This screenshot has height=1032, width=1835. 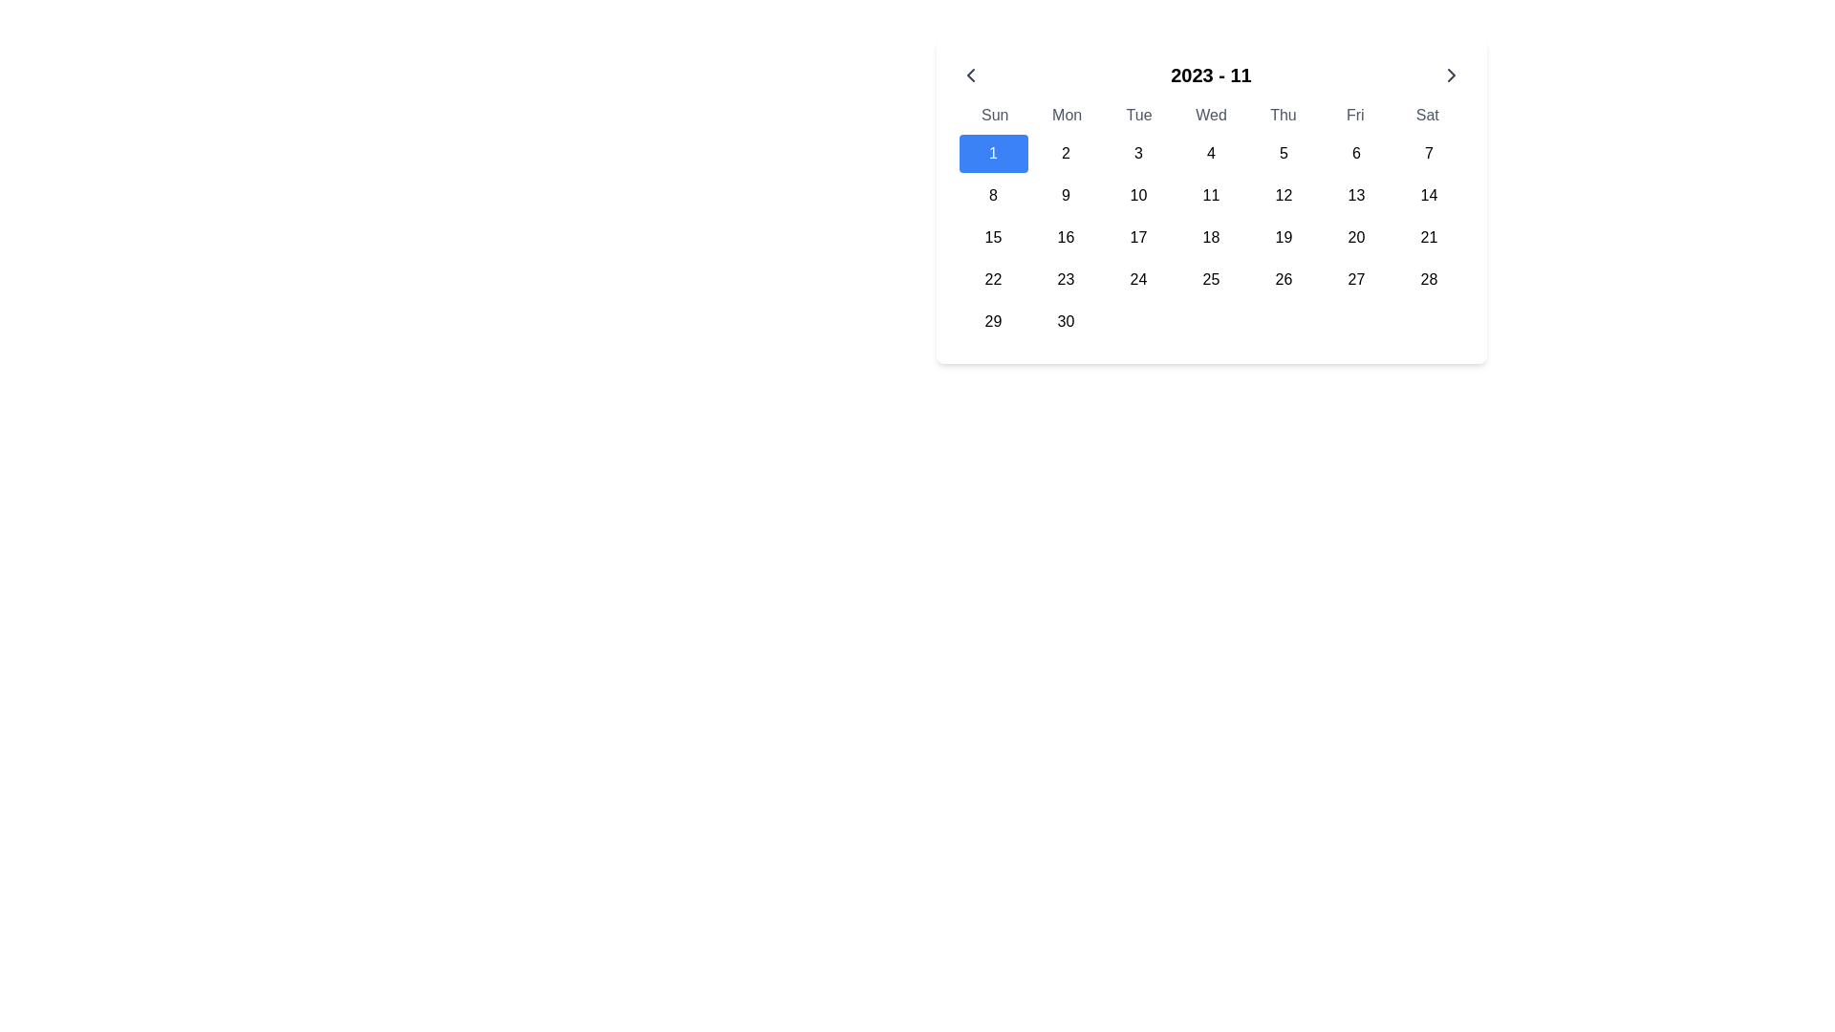 I want to click on the calendar date button representing '6' in the grid layout for November 2023, located in the first row and sixth column under 'Fri', so click(x=1355, y=153).